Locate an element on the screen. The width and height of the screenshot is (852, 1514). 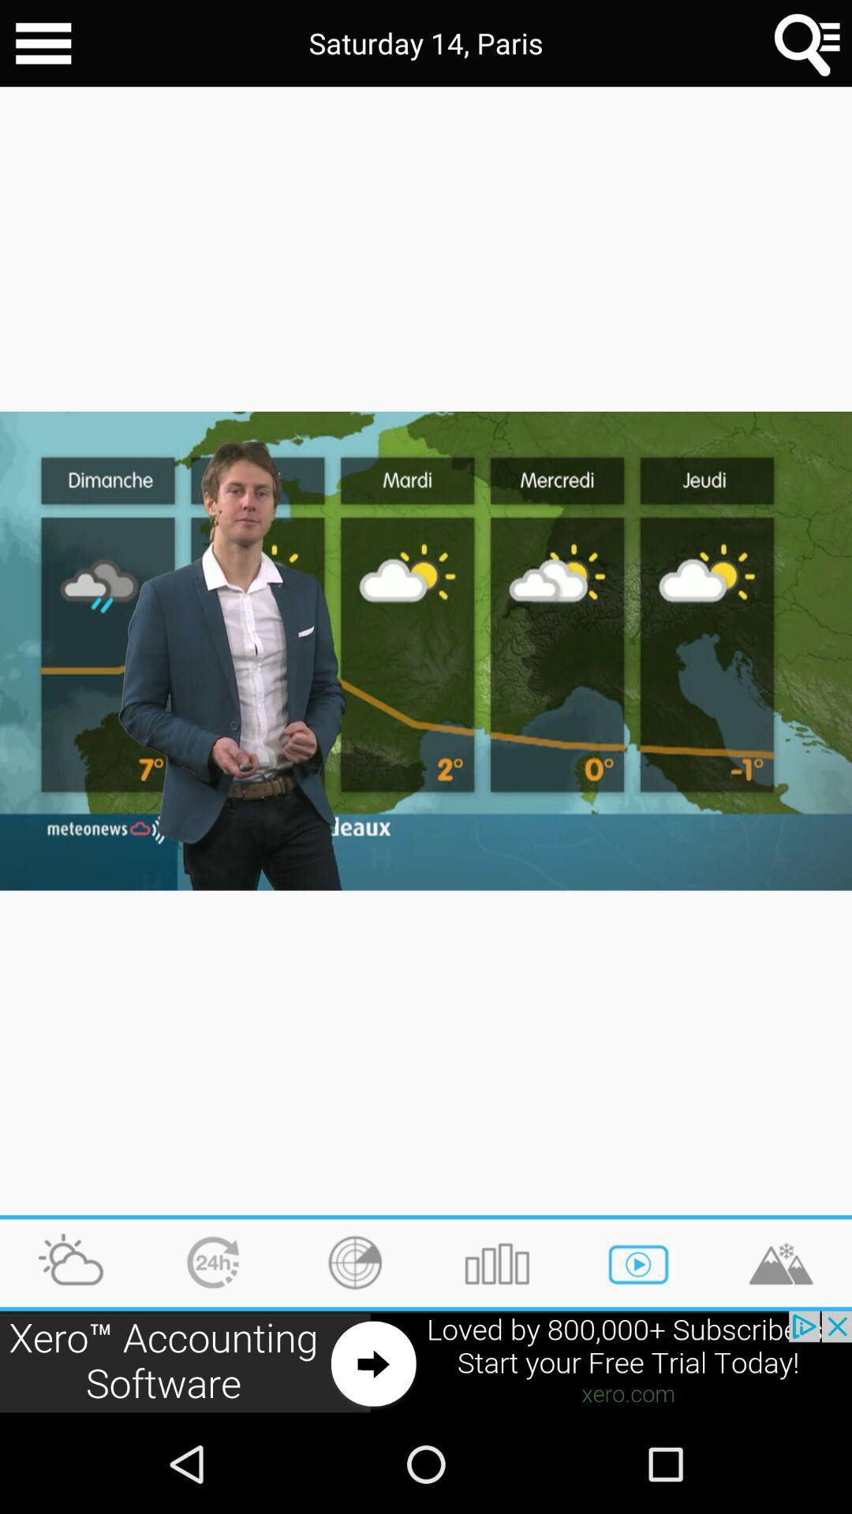
the menu icon is located at coordinates (43, 46).